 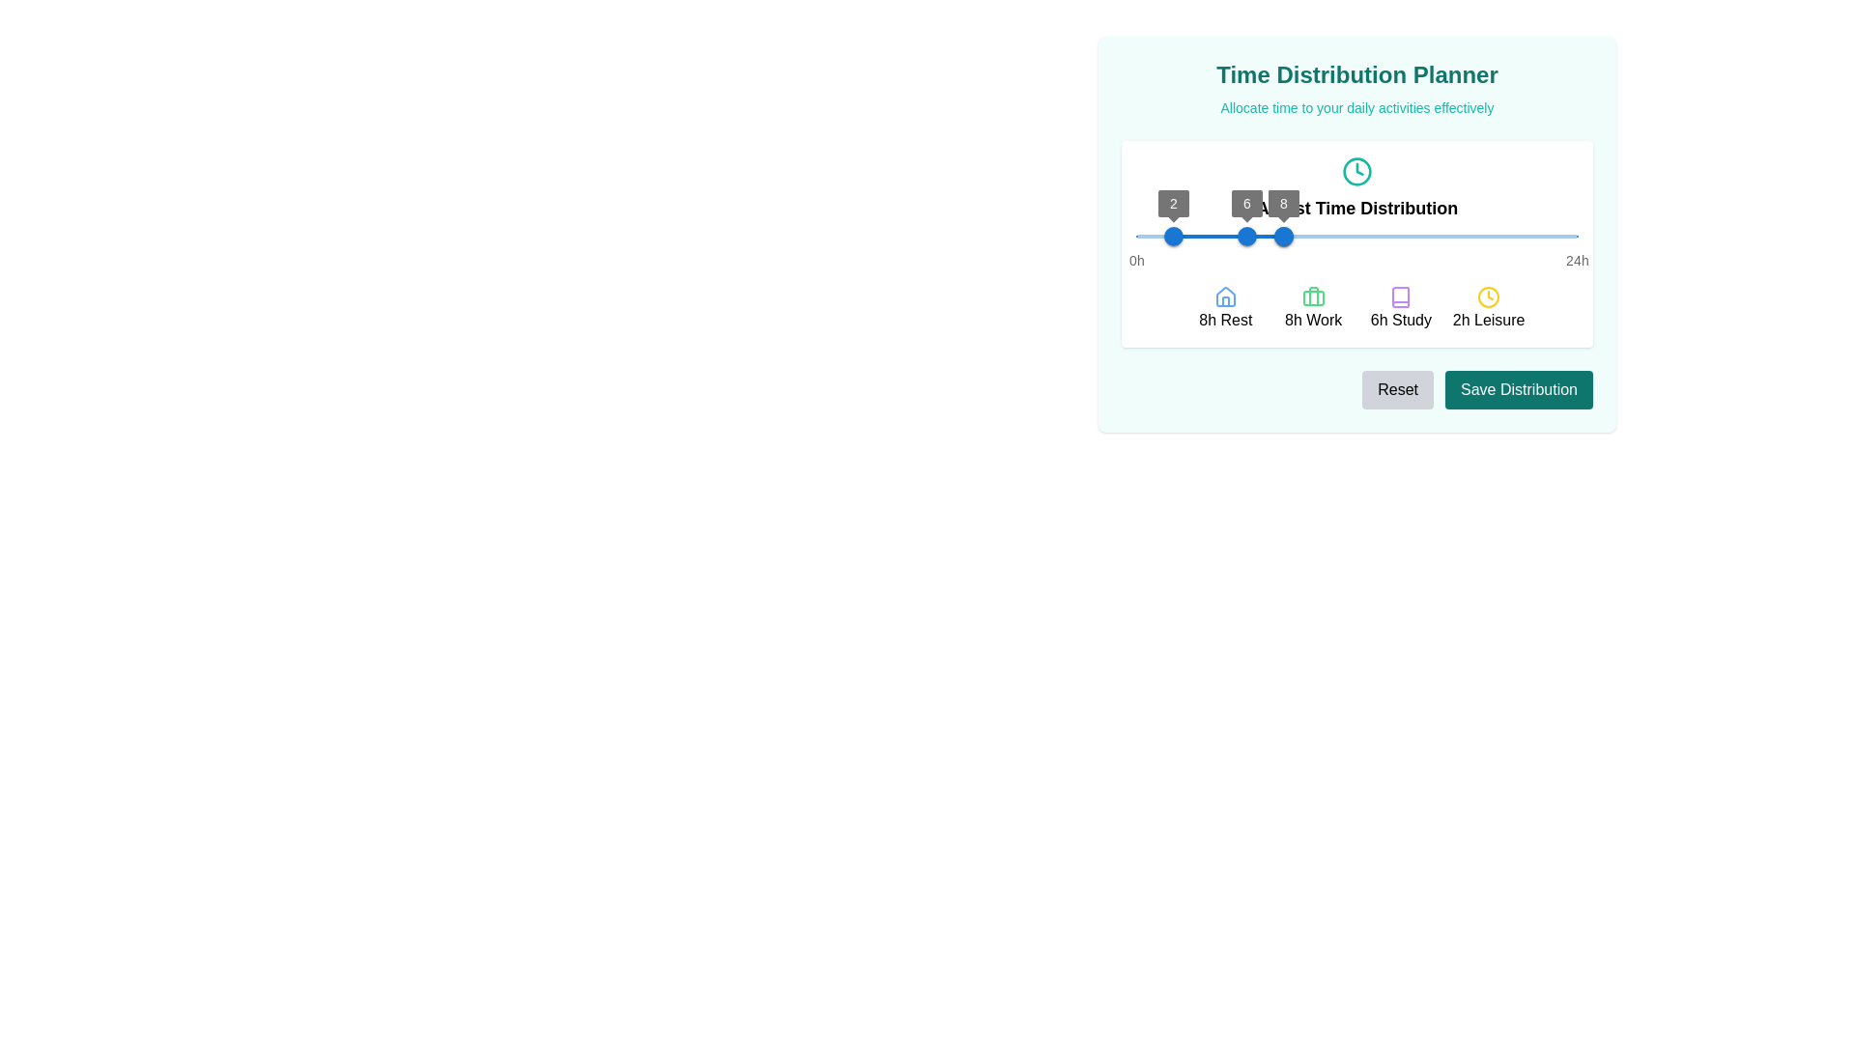 I want to click on the gray rounded label displaying the number '6' positioned above the slider thumb, so click(x=1247, y=202).